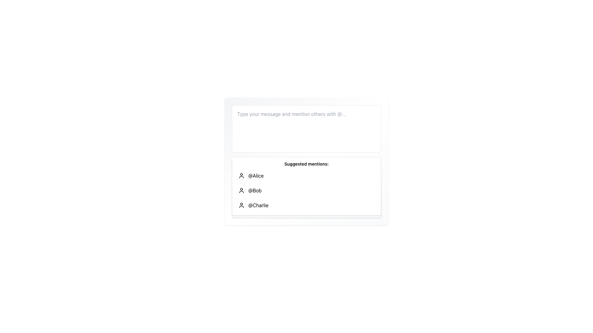 Image resolution: width=593 pixels, height=333 pixels. What do you see at coordinates (256, 176) in the screenshot?
I see `the text label representing the suggestion '@Alice' in the dropdown list` at bounding box center [256, 176].